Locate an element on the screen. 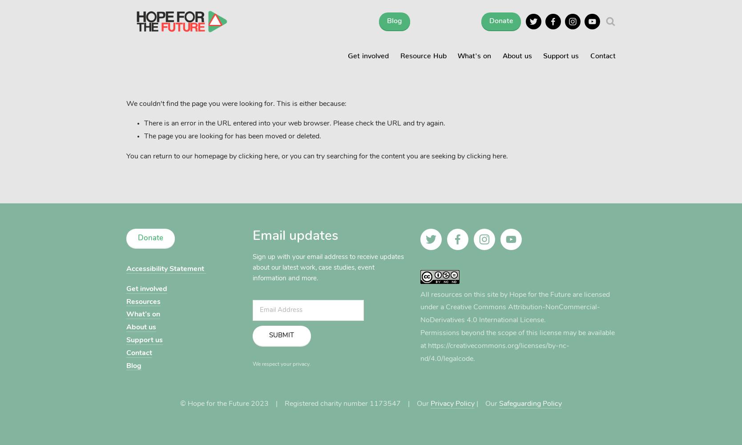  'Accessibility Statement' is located at coordinates (165, 268).